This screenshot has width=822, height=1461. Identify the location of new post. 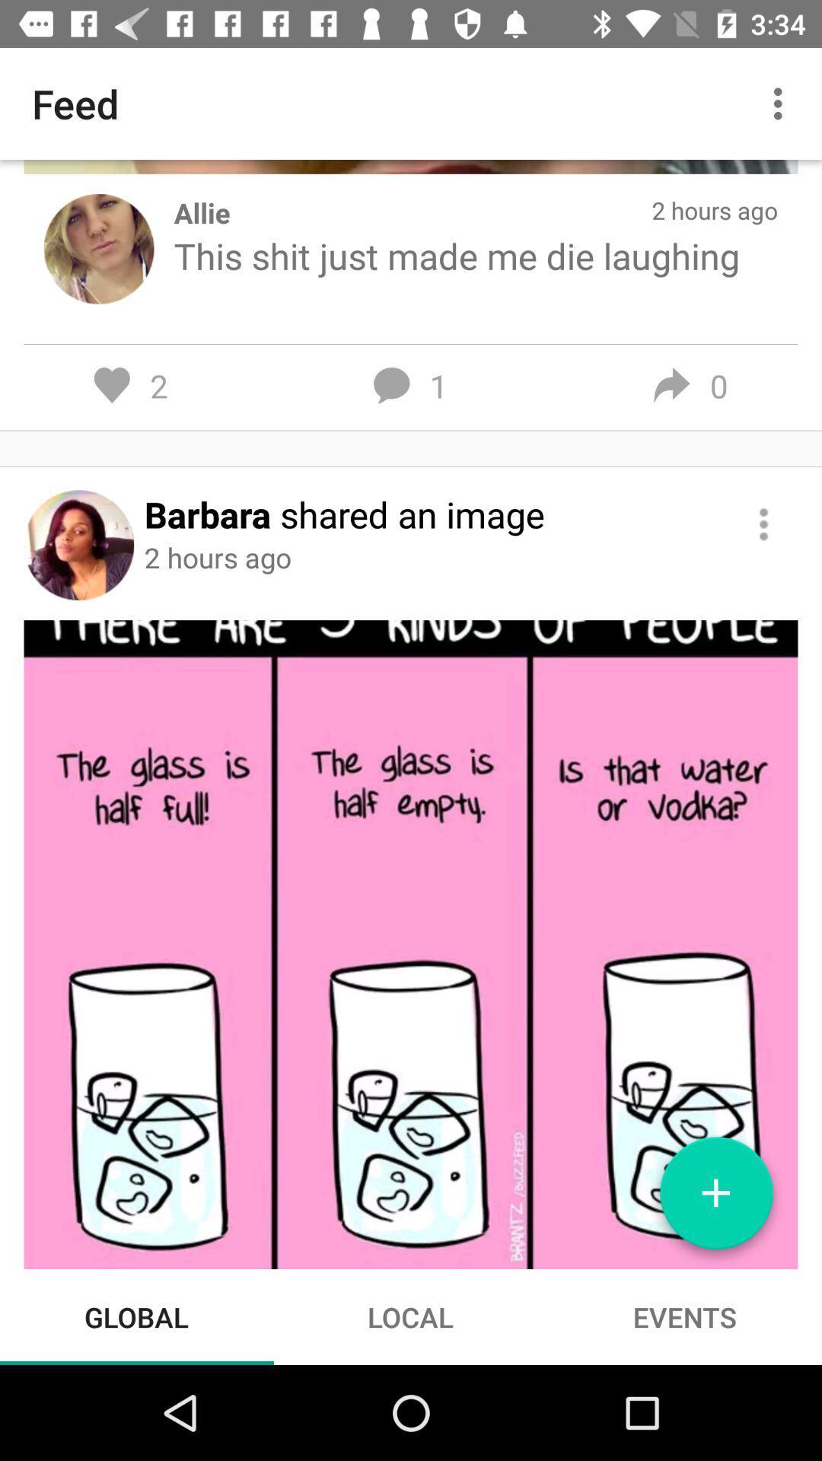
(716, 1198).